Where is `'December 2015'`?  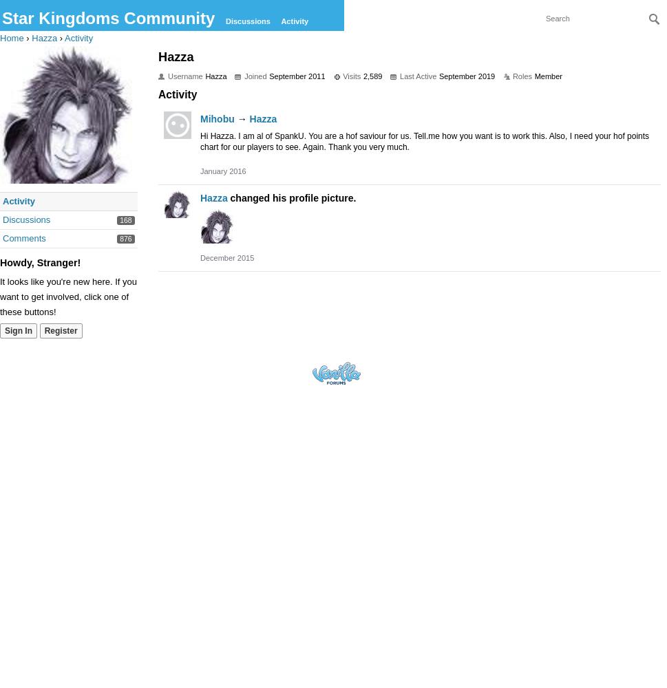
'December 2015' is located at coordinates (226, 258).